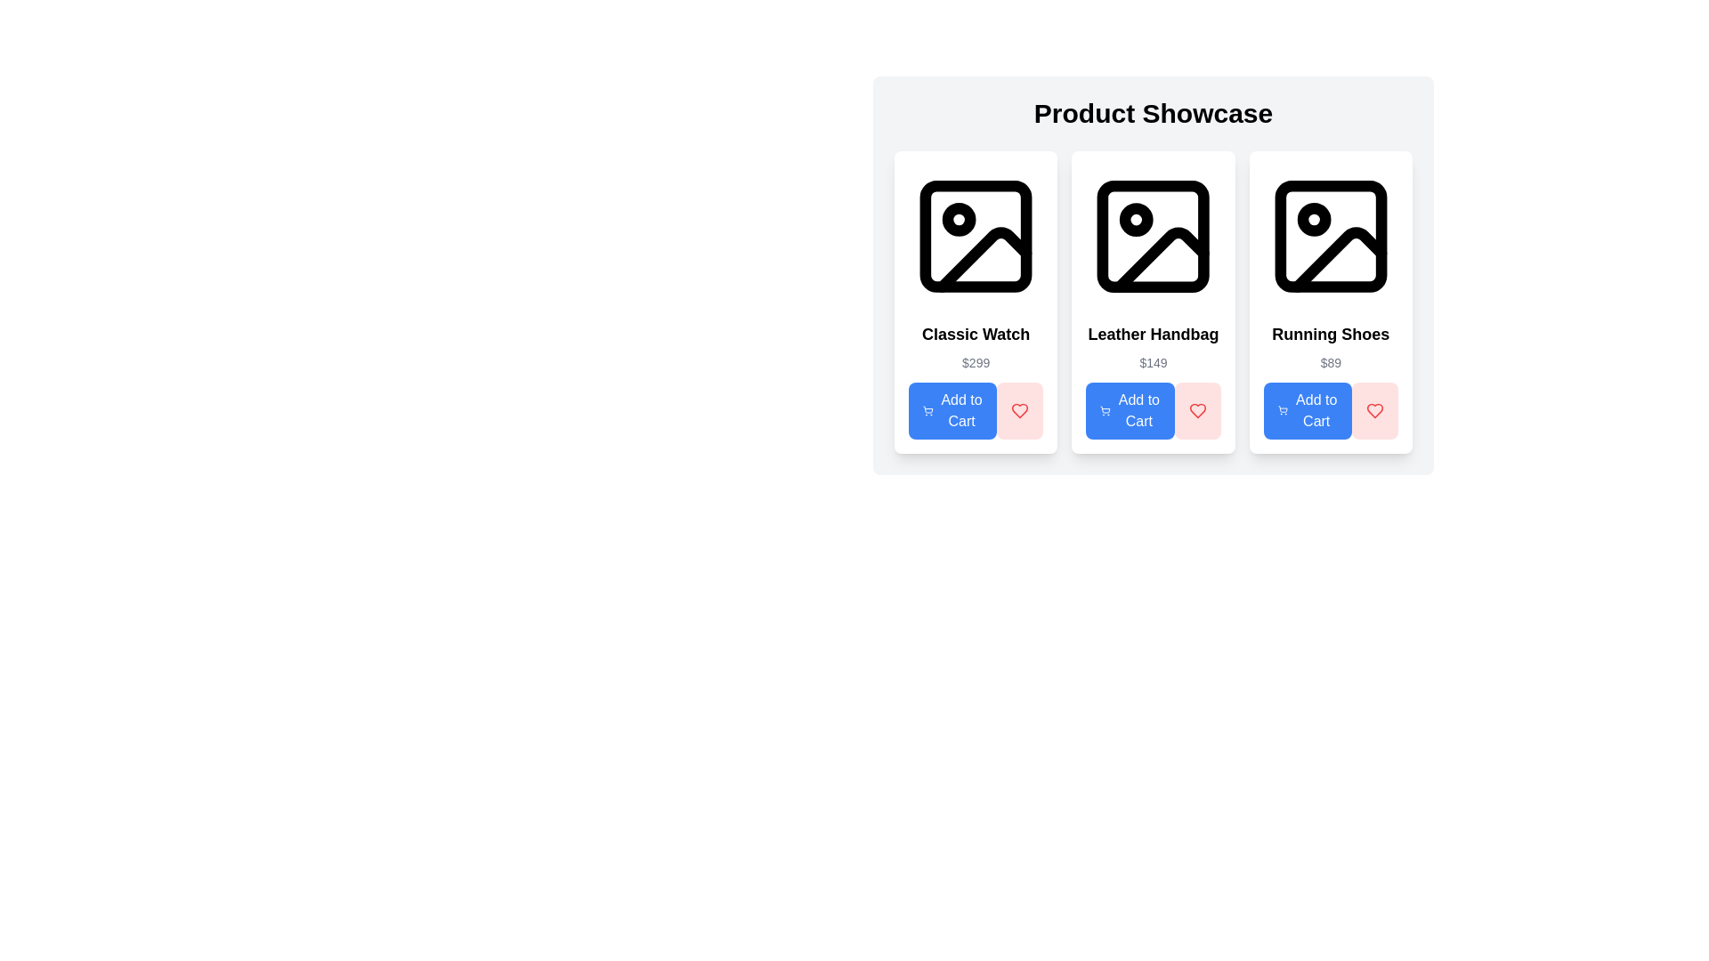 This screenshot has height=961, width=1709. Describe the element at coordinates (1374, 411) in the screenshot. I see `the heart-shaped icon within the third product card for 'Running Shoes' to trigger the tooltip or animation` at that location.